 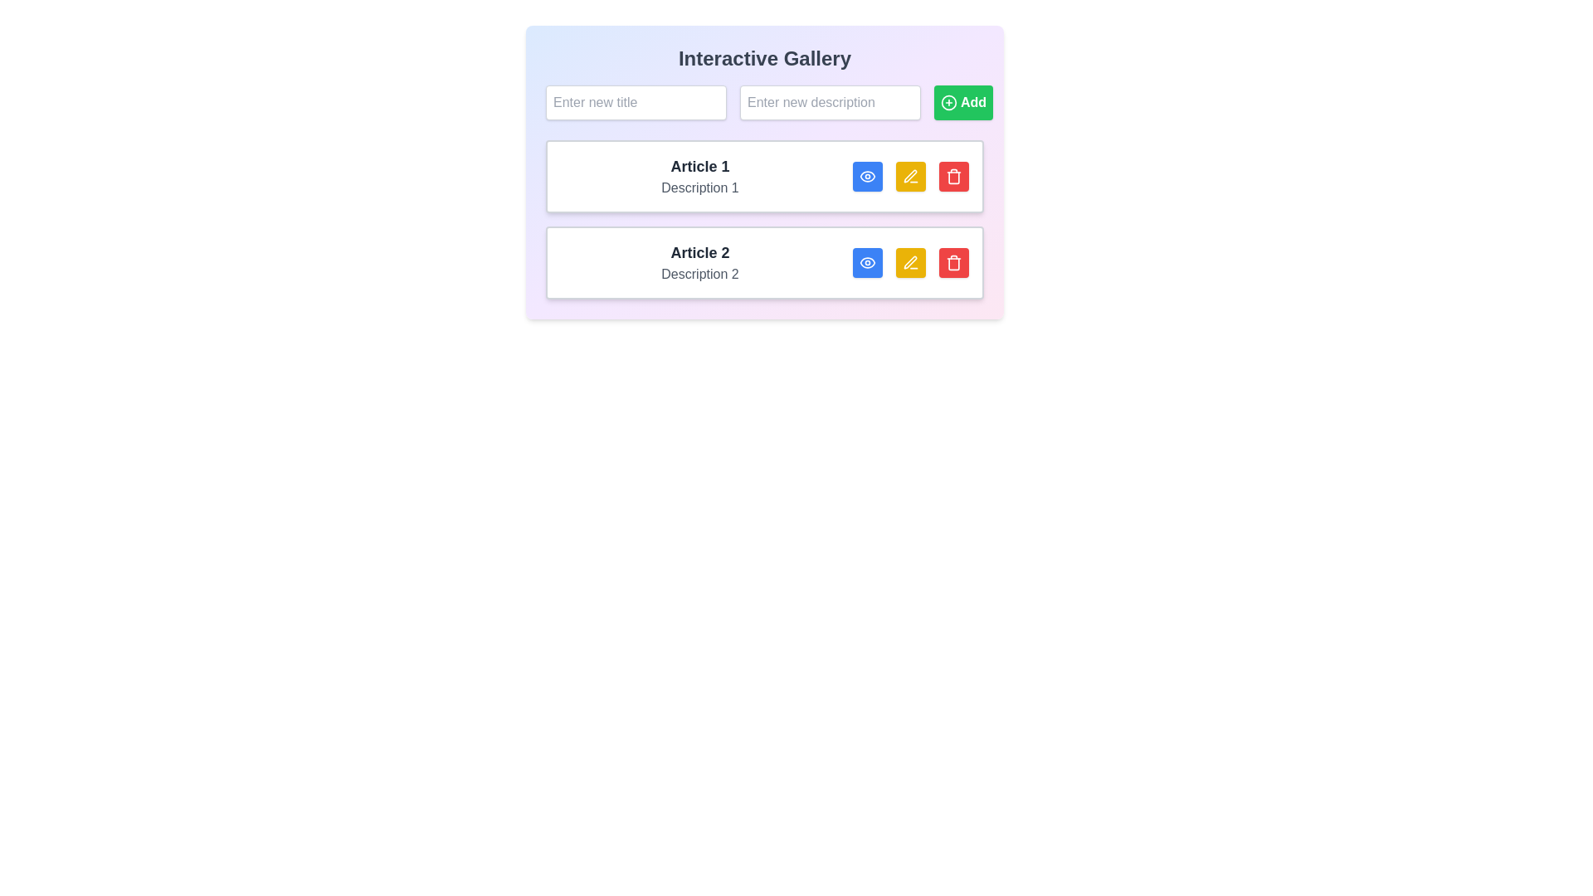 I want to click on the text input box for entering a description to focus on it, so click(x=763, y=102).